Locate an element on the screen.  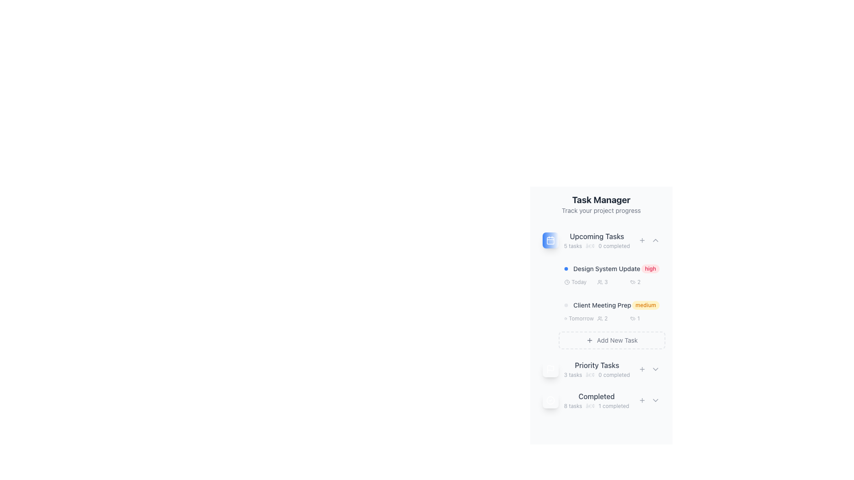
the top entry of the 'Upcoming Tasks' section, which is a task item with a high priority indicator is located at coordinates (612, 268).